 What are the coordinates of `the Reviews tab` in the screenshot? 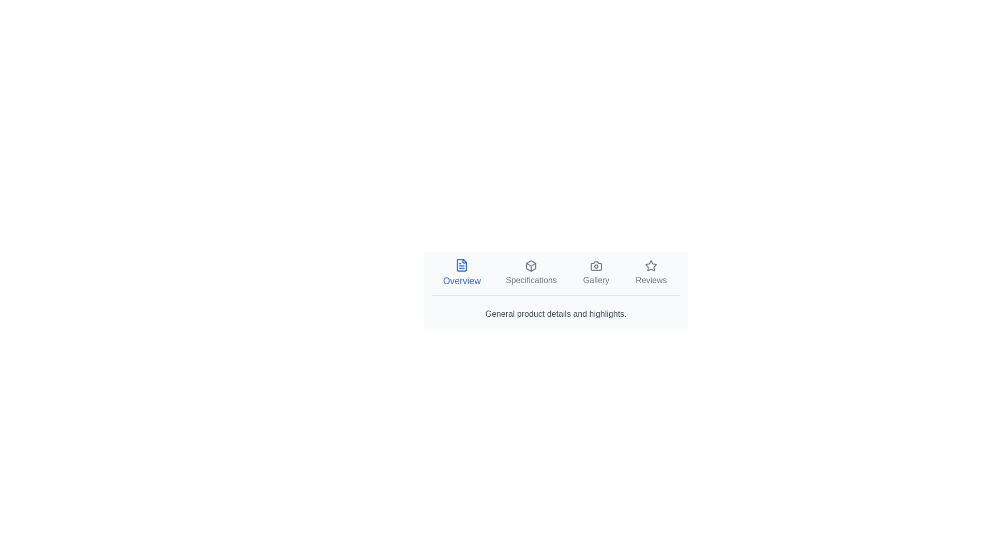 It's located at (651, 273).